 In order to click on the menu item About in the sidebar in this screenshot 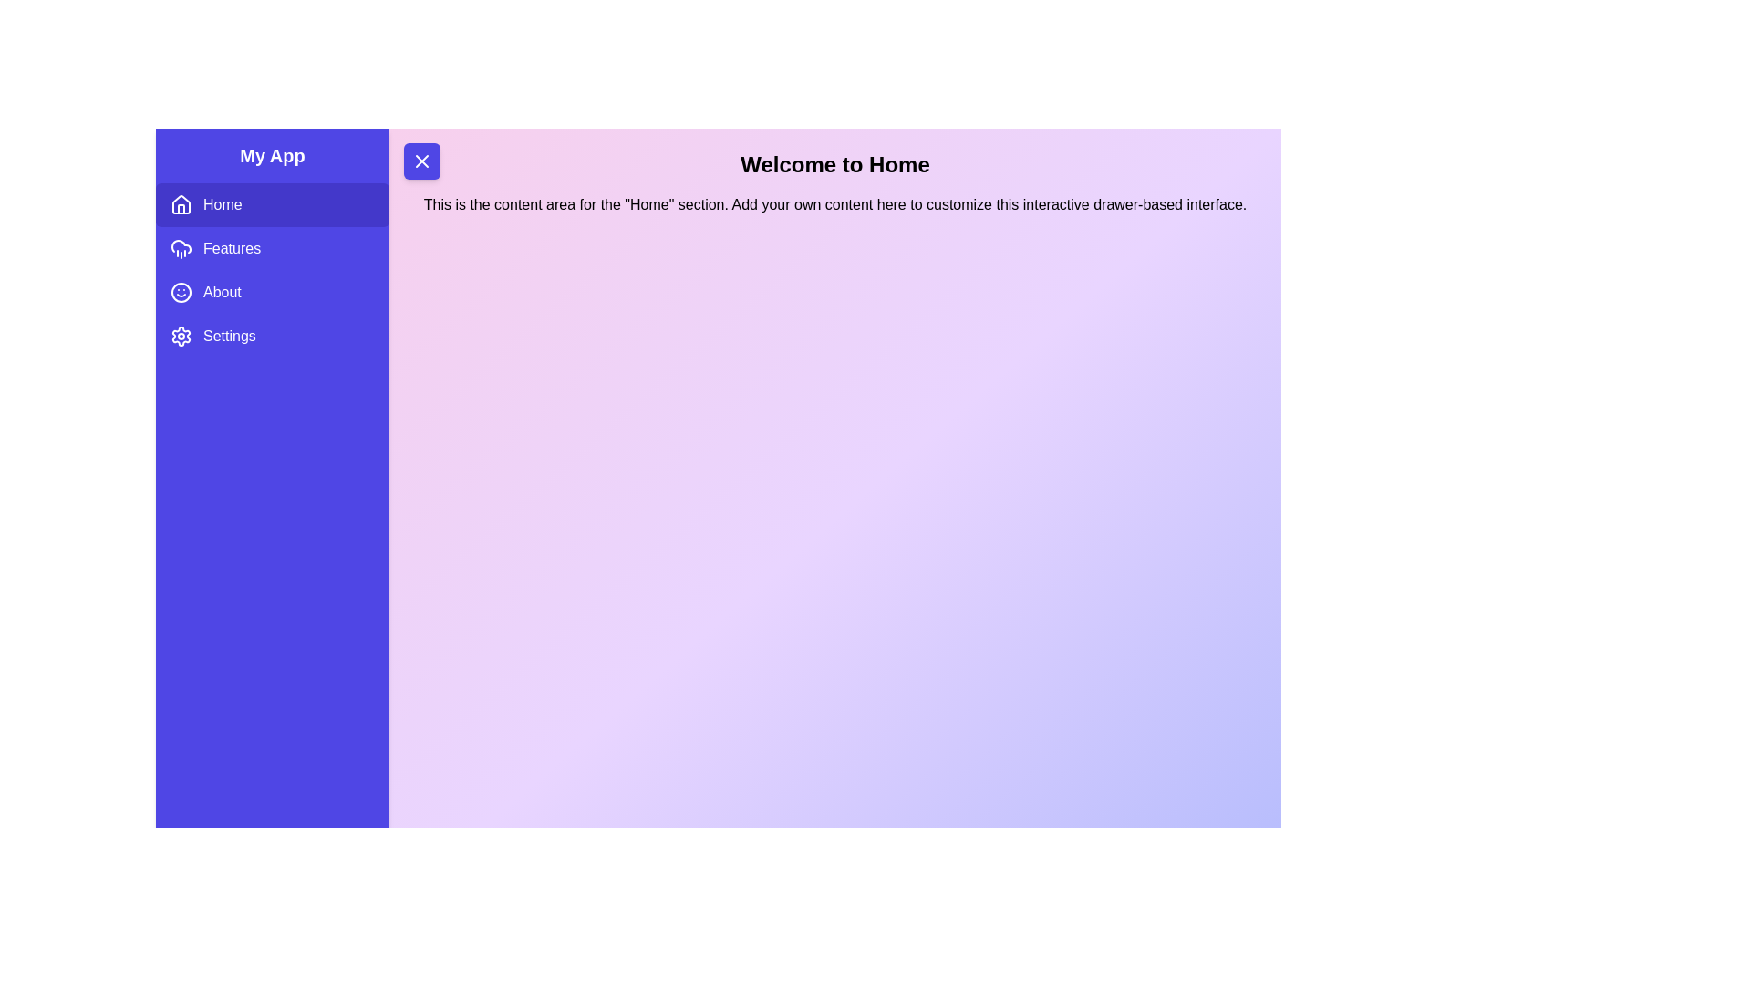, I will do `click(271, 291)`.